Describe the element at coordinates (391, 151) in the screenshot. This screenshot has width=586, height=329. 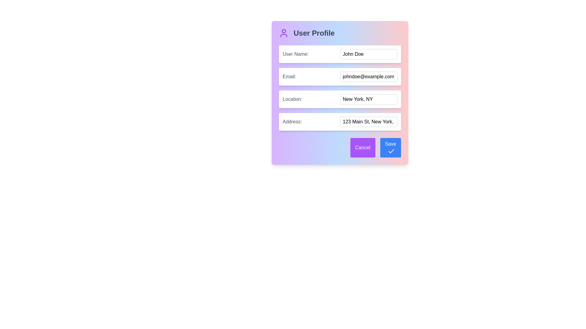
I see `the confirmation icon located to the right of the 'Save' text within the blue 'Save' button in the bottom-right corner of the modal dialog` at that location.